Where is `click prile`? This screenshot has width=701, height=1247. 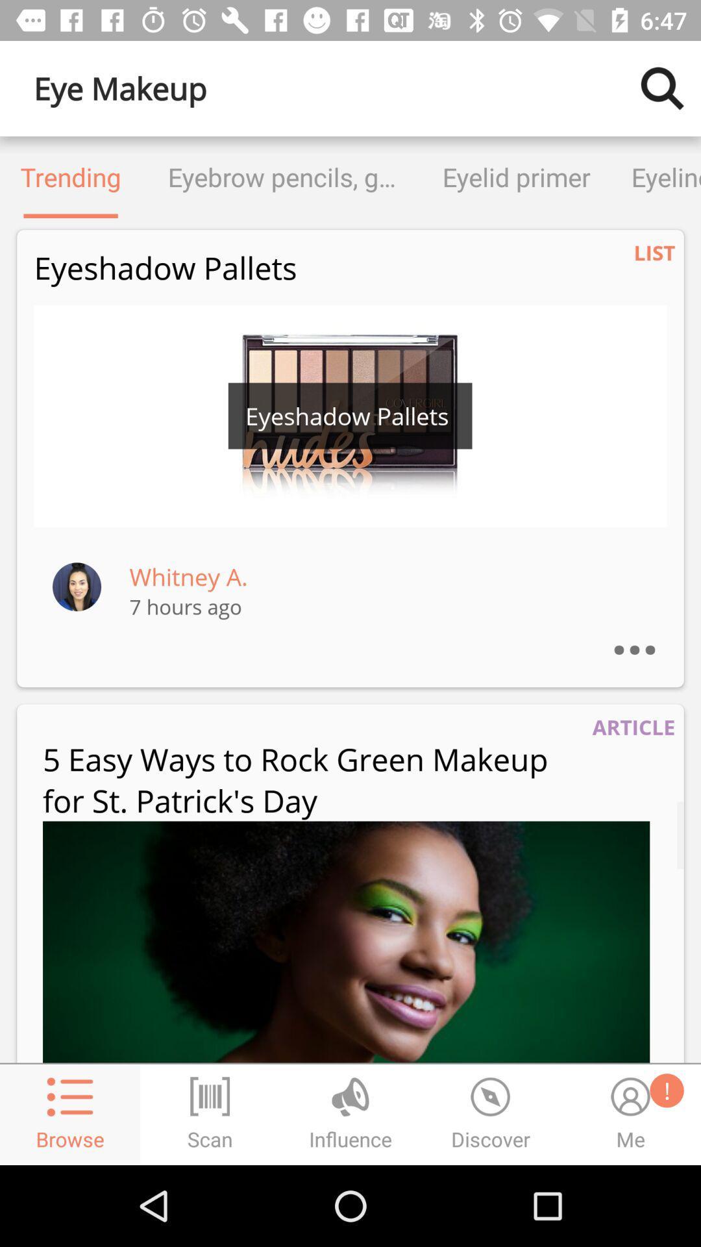 click prile is located at coordinates (77, 586).